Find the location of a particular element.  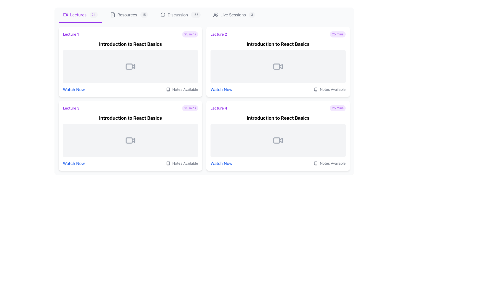

the text label reading 'Lecture 4', which is styled with a small bold purple font and located in the fourth lecture card is located at coordinates (219, 108).